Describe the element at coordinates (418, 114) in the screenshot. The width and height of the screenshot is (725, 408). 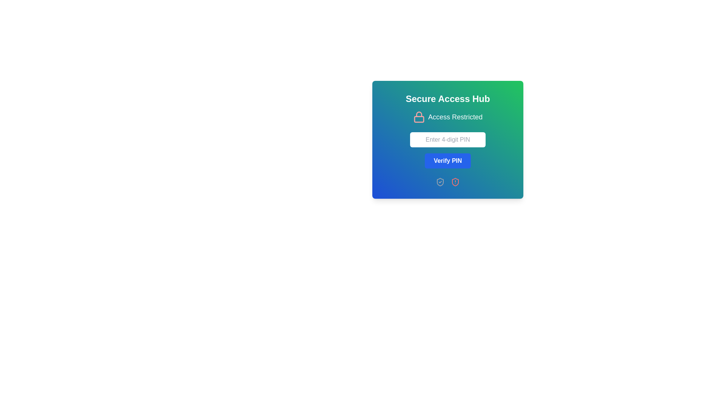
I see `the curved line forming part of the padlock icon, which represents the lock mechanism of the padlock above the 'Access Restricted' text in the 'Secure Access Hub' component` at that location.